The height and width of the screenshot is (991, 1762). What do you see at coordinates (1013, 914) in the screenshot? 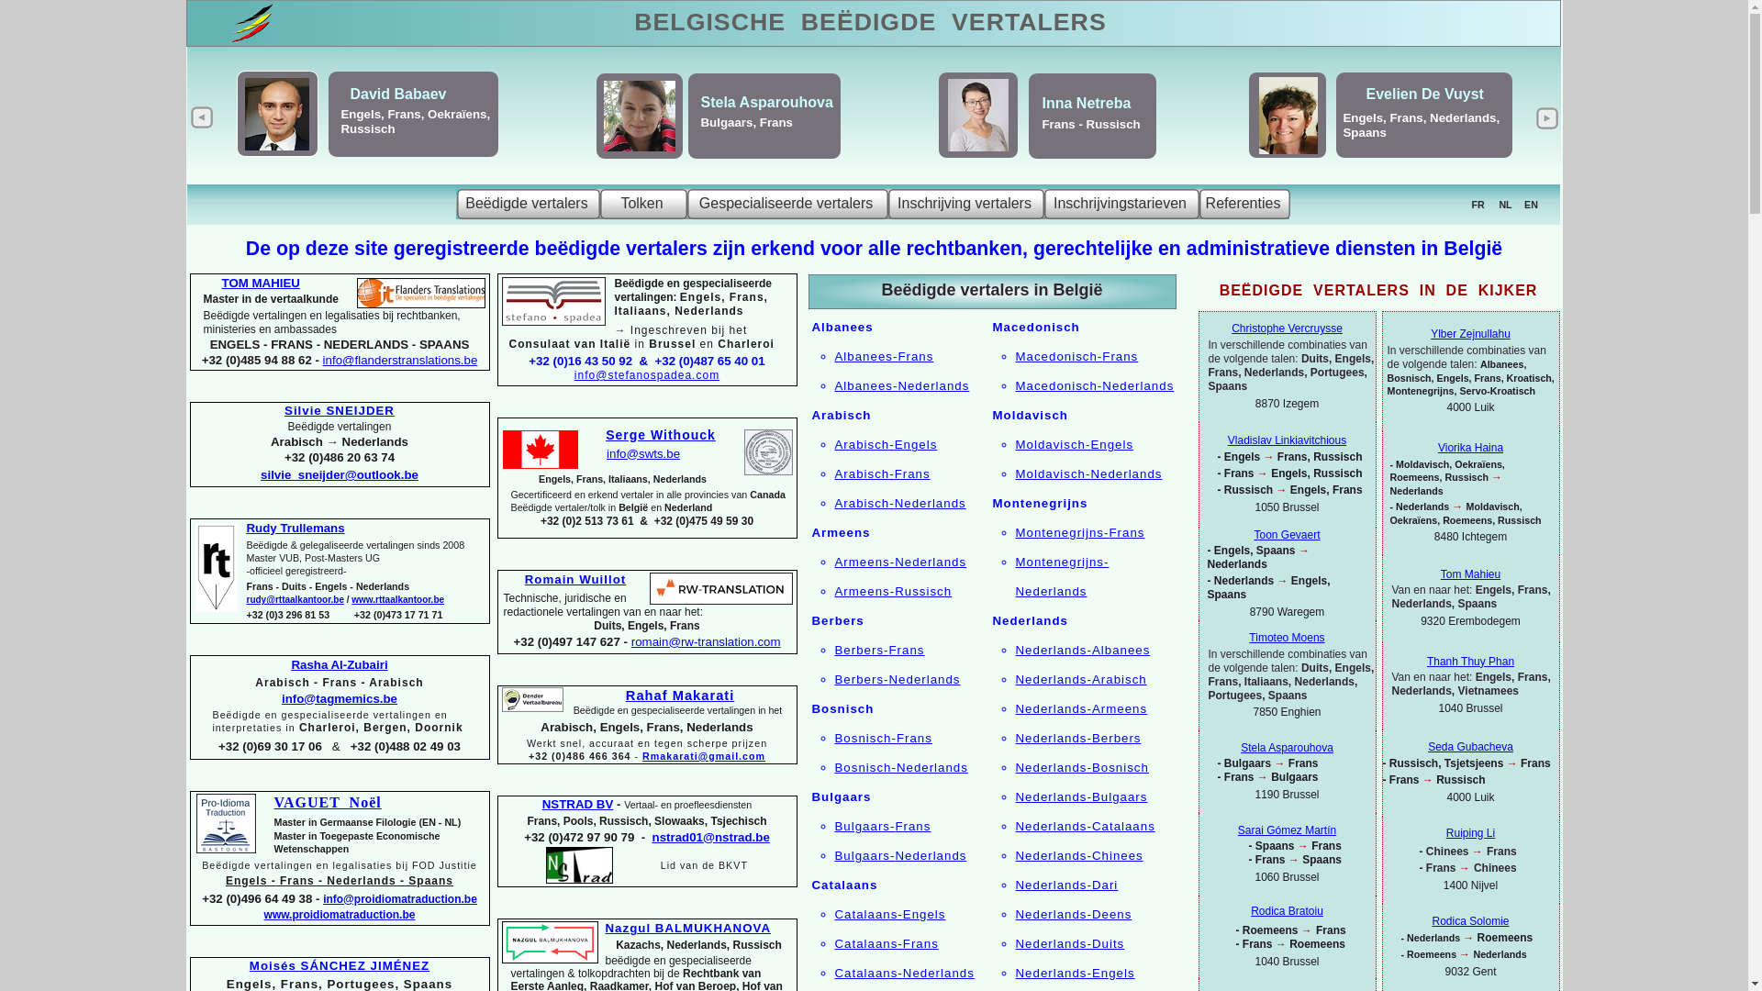
I see `'Nederlands-Deens'` at bounding box center [1013, 914].